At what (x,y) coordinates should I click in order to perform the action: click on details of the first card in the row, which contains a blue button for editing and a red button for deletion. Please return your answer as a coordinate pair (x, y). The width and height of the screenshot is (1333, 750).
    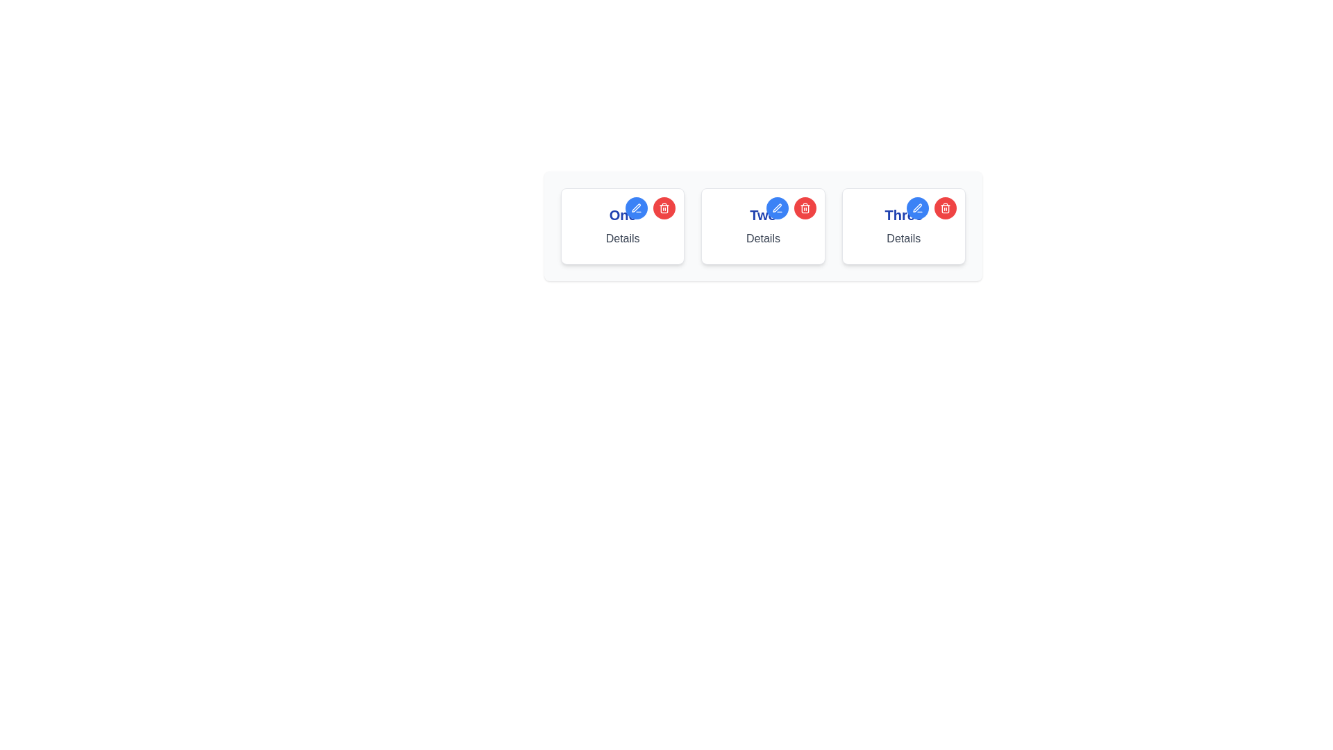
    Looking at the image, I should click on (622, 226).